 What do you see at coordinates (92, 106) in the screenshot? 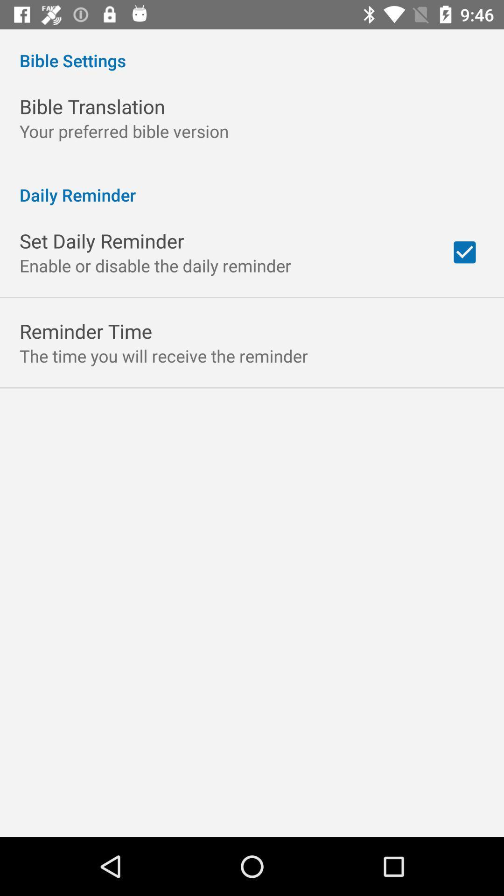
I see `item above your preferred bible` at bounding box center [92, 106].